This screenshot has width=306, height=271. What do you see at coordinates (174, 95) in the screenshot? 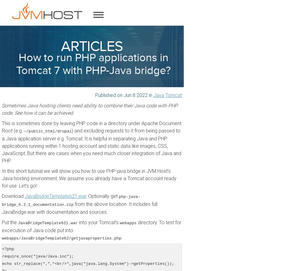
I see `'Tomcat'` at bounding box center [174, 95].